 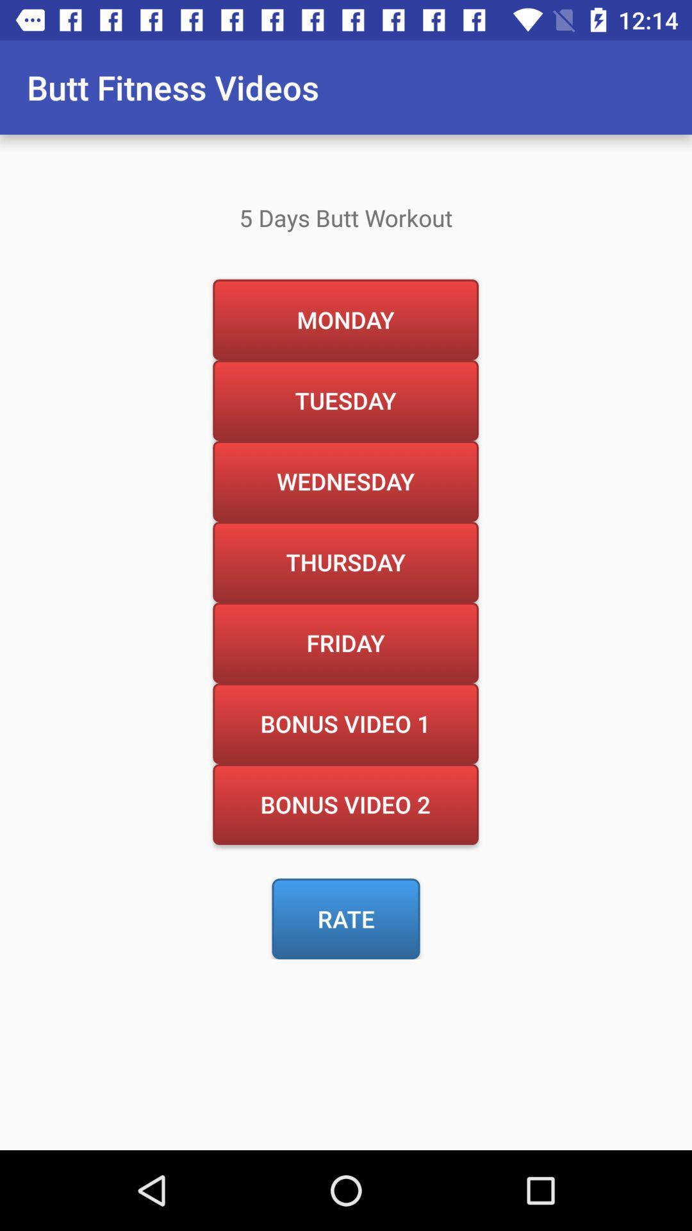 I want to click on the icon below wednesday icon, so click(x=345, y=562).